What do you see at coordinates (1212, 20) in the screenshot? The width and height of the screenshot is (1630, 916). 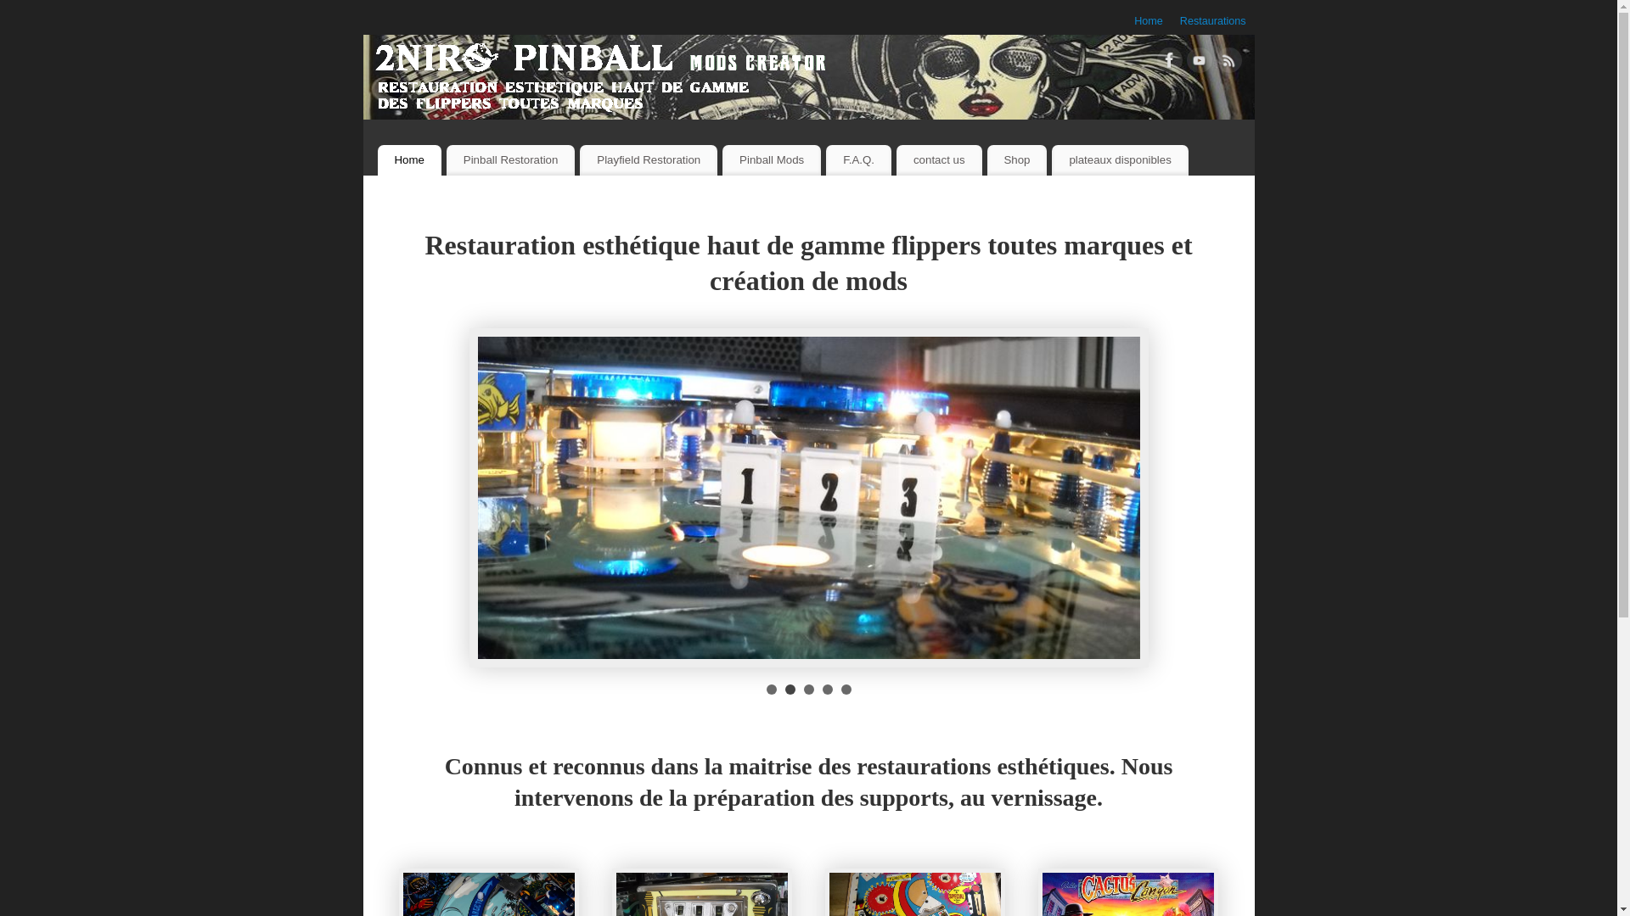 I see `'Restaurations'` at bounding box center [1212, 20].